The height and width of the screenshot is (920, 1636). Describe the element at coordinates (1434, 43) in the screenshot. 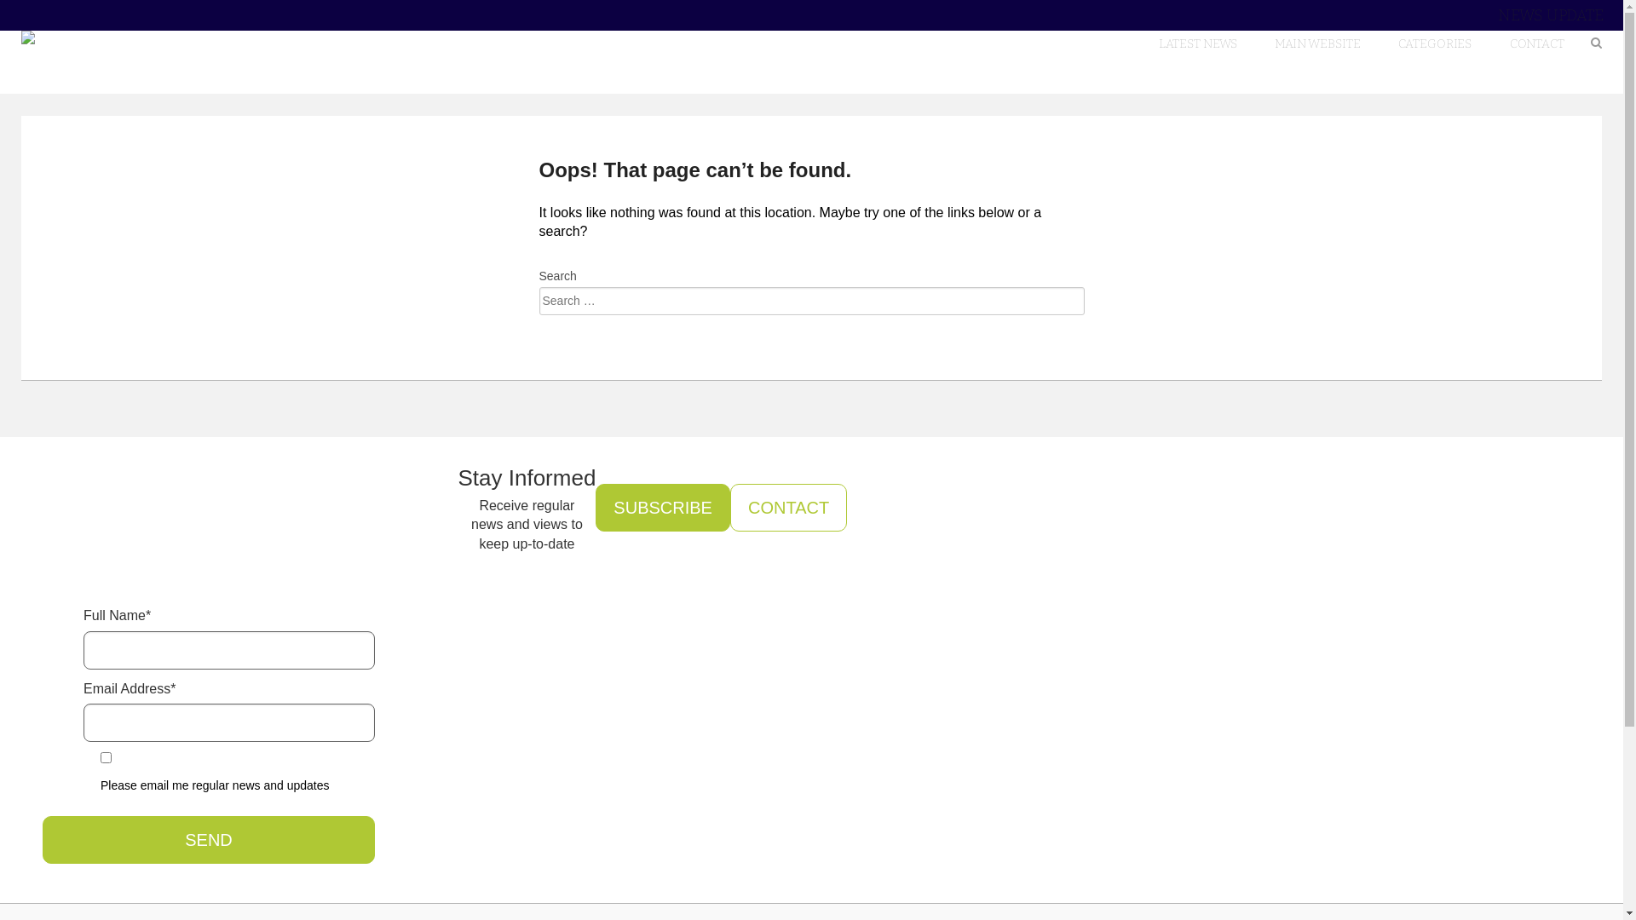

I see `'CATEGORIES'` at that location.